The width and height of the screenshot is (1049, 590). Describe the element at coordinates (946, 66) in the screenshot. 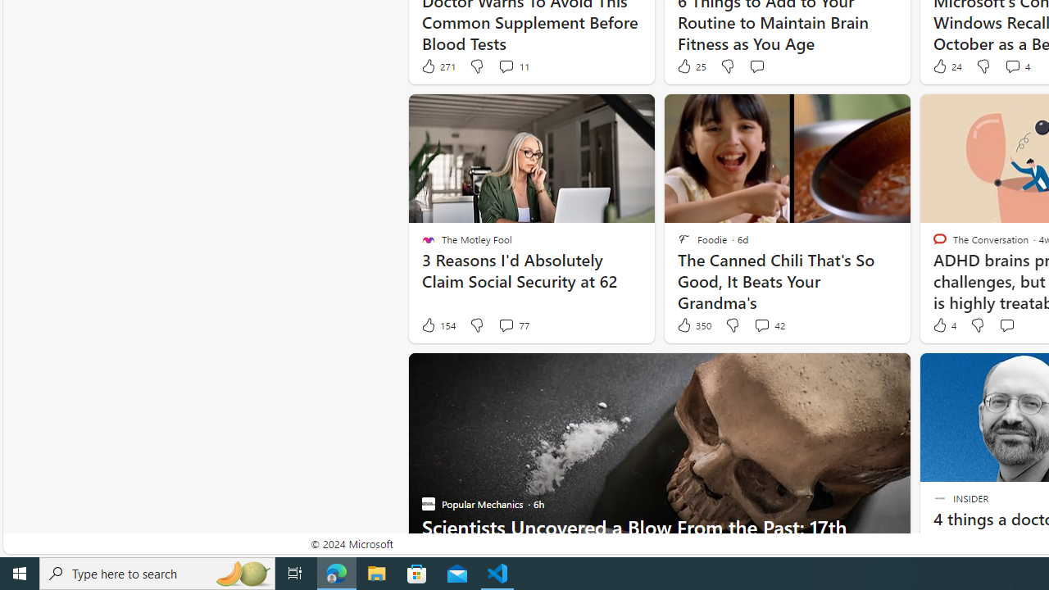

I see `'24 Like'` at that location.